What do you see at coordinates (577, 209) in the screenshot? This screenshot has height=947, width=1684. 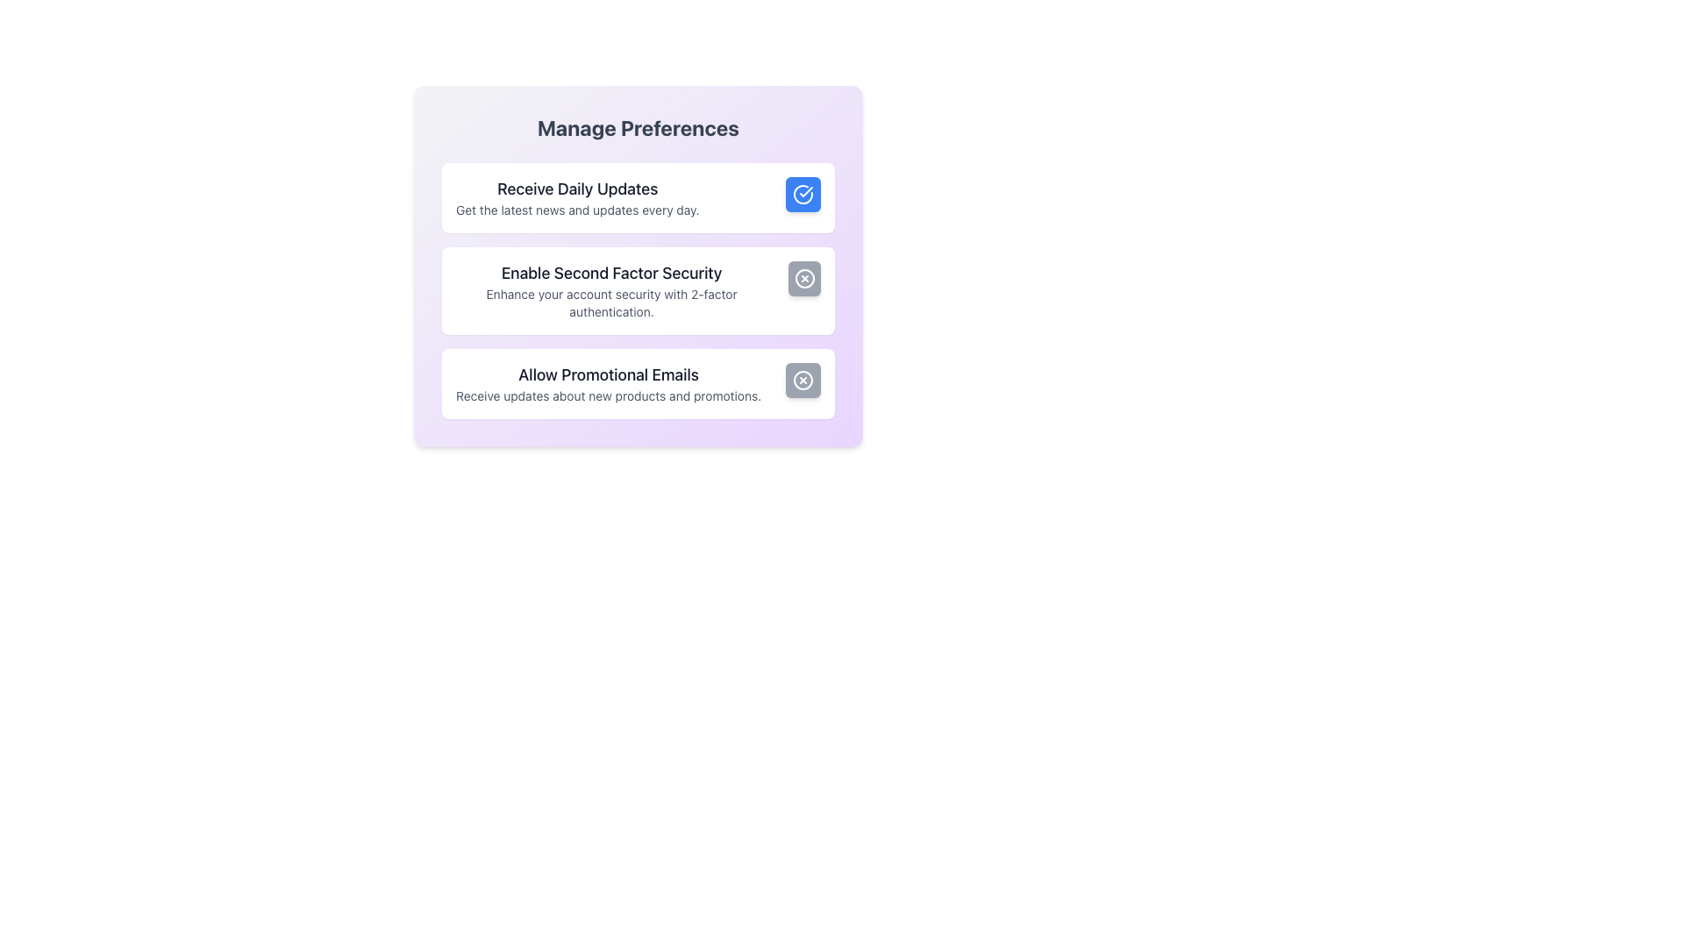 I see `the text element that displays 'Get the latest news and updates every day.' which is located directly beneath the heading 'Receive Daily Updates'` at bounding box center [577, 209].